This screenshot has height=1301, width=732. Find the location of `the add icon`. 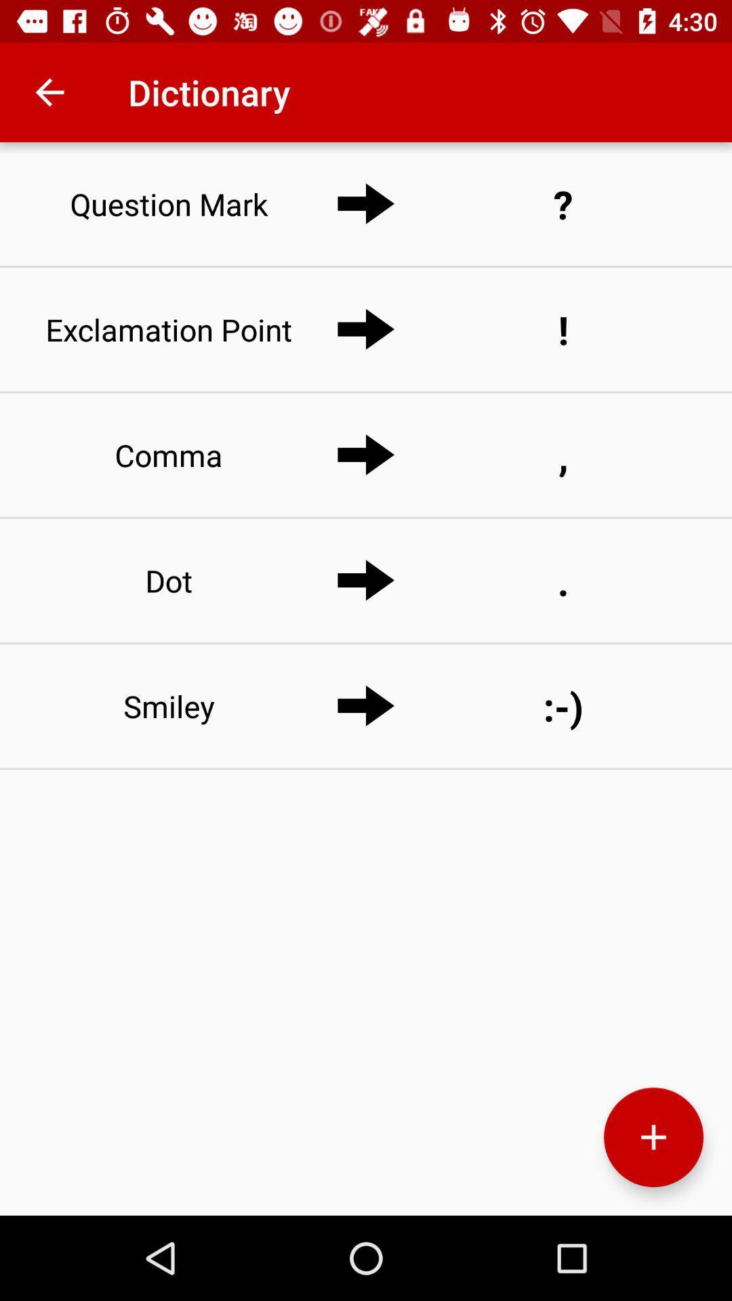

the add icon is located at coordinates (653, 1137).